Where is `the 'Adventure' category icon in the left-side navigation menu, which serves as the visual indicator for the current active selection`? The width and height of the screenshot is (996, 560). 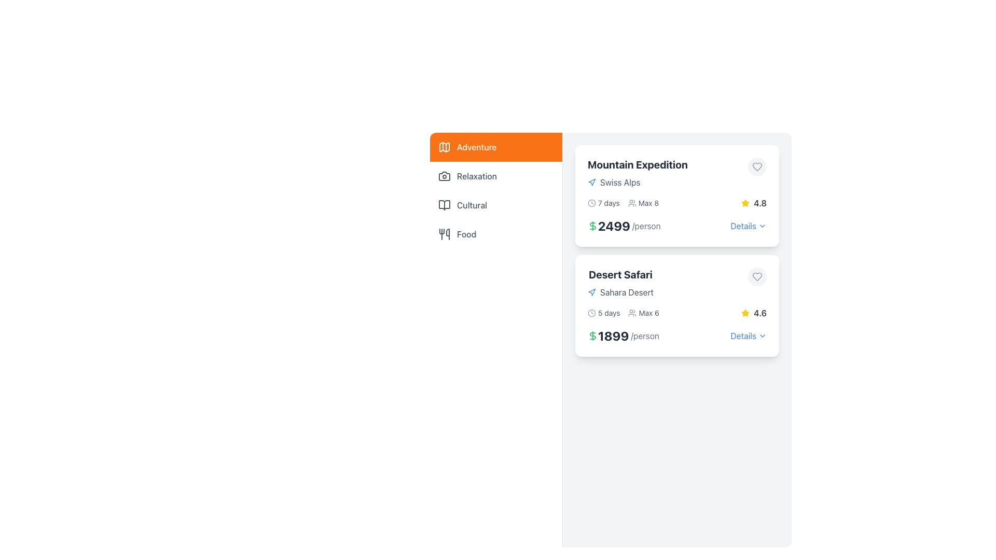 the 'Adventure' category icon in the left-side navigation menu, which serves as the visual indicator for the current active selection is located at coordinates (445, 147).